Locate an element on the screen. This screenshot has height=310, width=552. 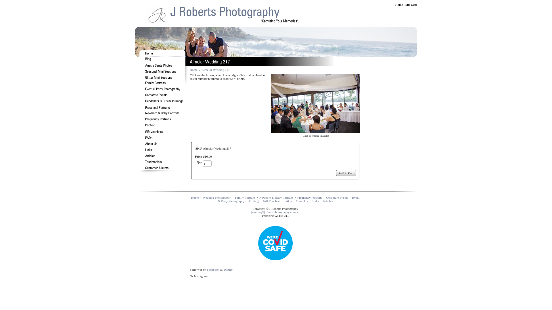
'jennifer@jrobertsphotography.com.au' is located at coordinates (251, 212).